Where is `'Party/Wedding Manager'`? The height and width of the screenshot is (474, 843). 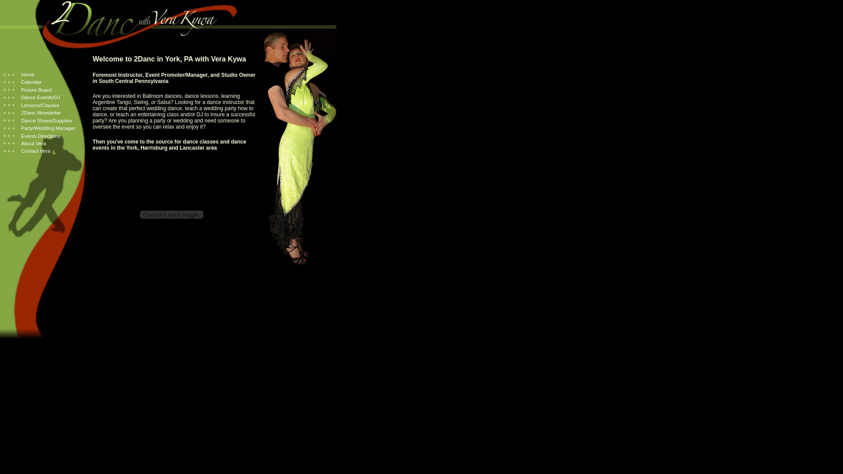 'Party/Wedding Manager' is located at coordinates (39, 128).